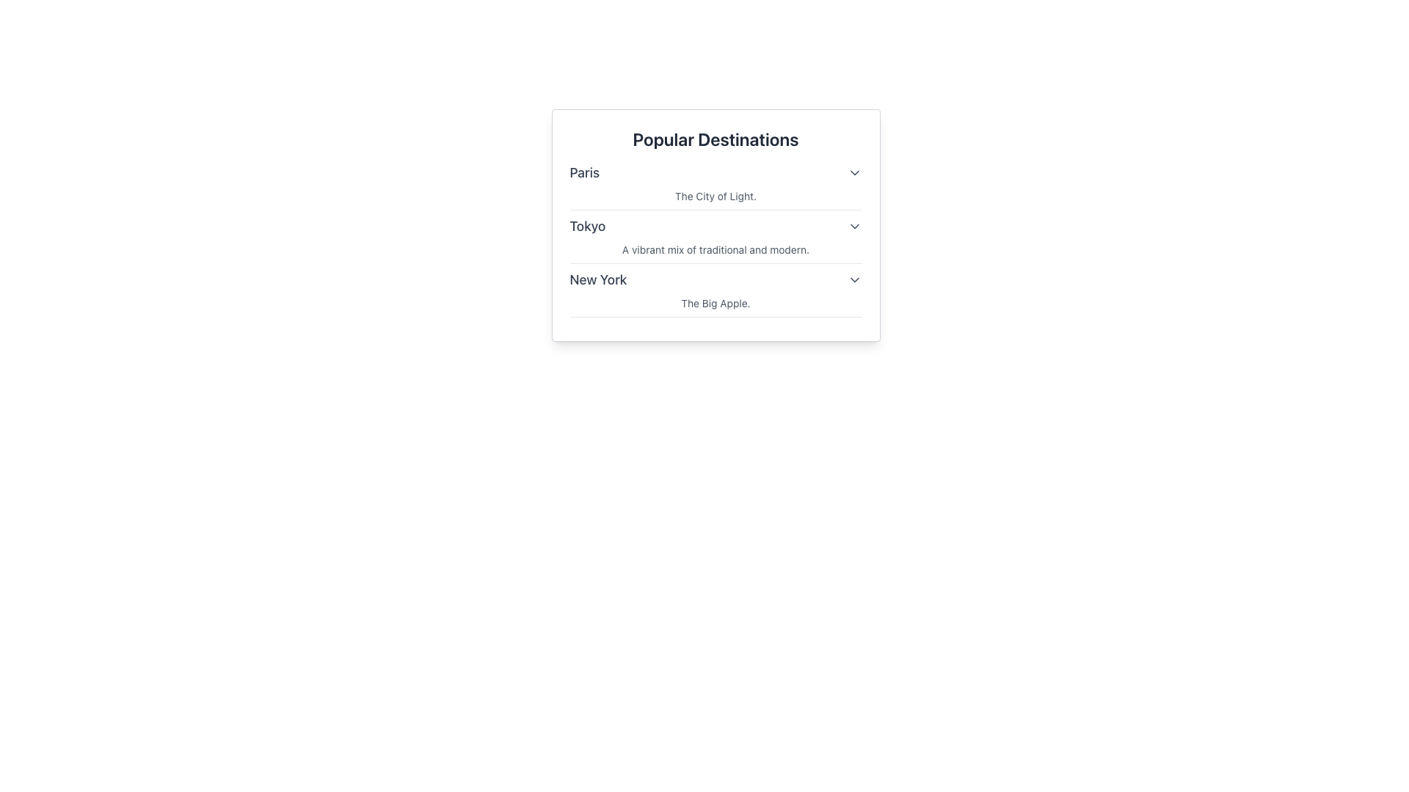  I want to click on the List Item displaying 'New York' with a bold heading and a dropdown arrow, so click(716, 293).